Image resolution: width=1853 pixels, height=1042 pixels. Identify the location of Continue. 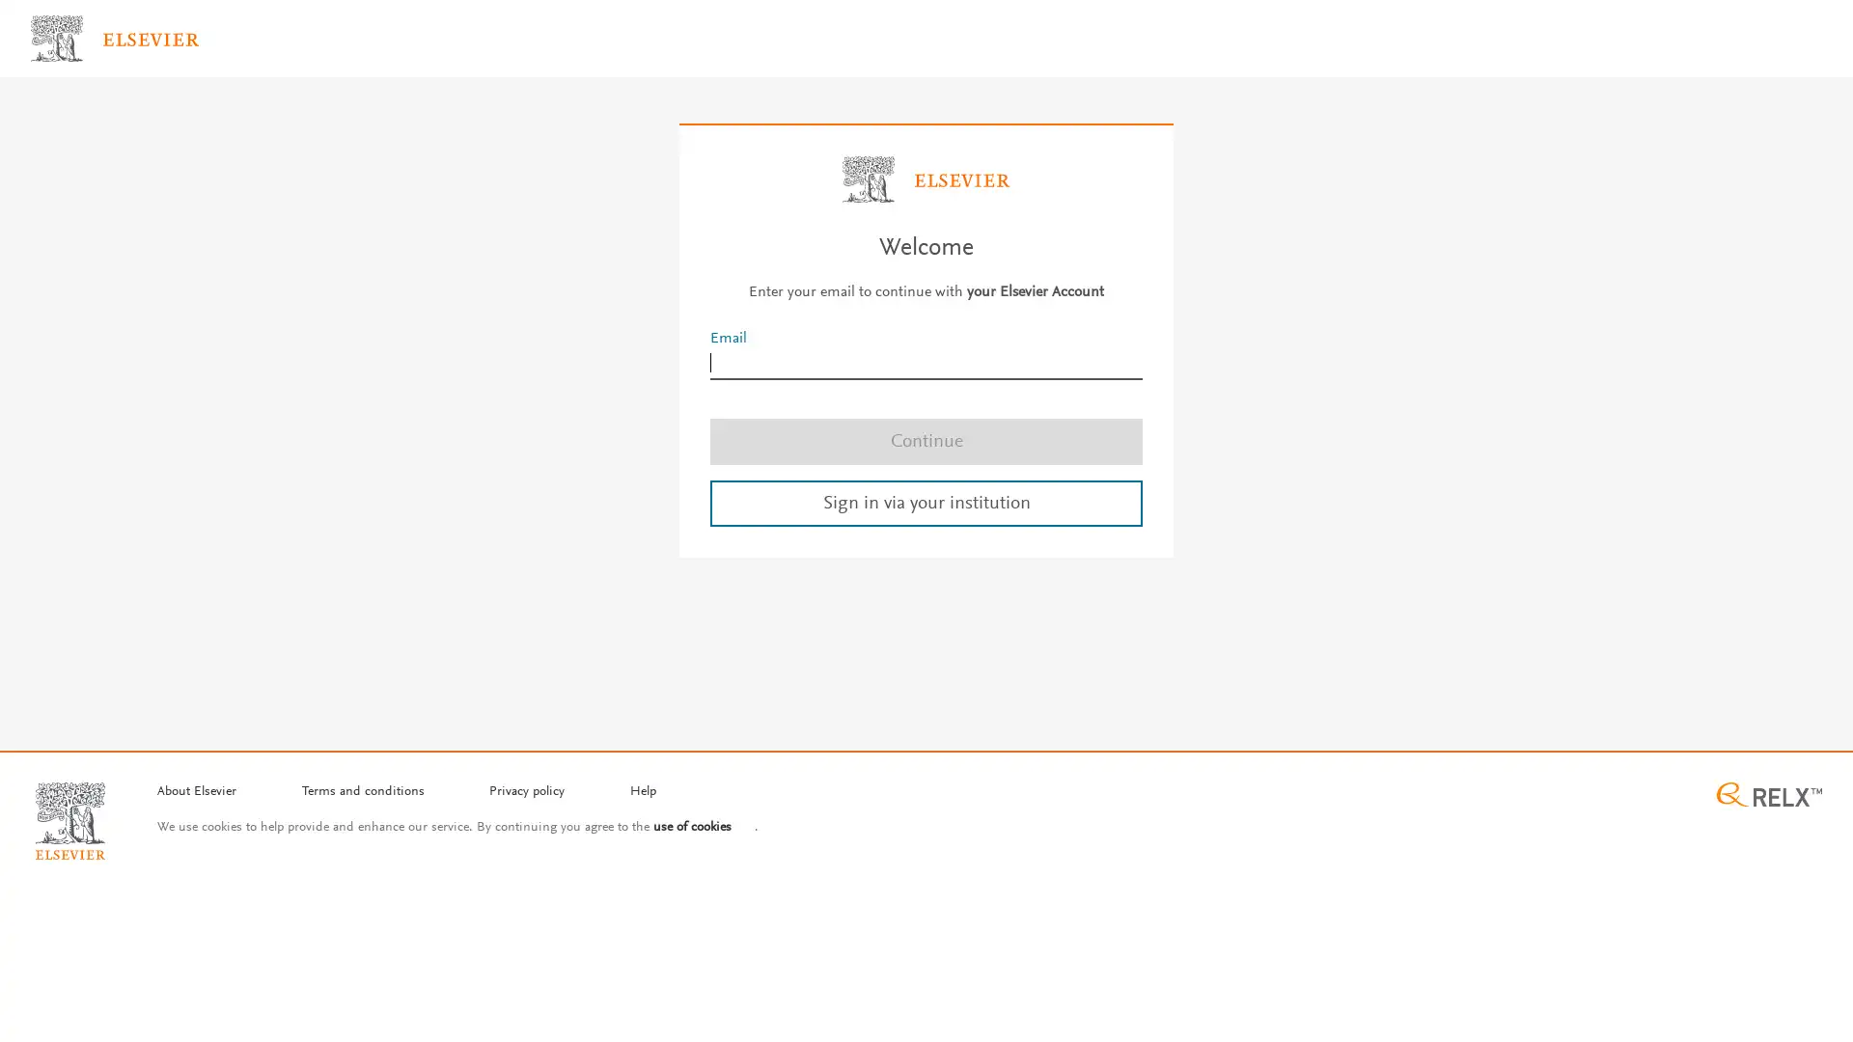
(926, 440).